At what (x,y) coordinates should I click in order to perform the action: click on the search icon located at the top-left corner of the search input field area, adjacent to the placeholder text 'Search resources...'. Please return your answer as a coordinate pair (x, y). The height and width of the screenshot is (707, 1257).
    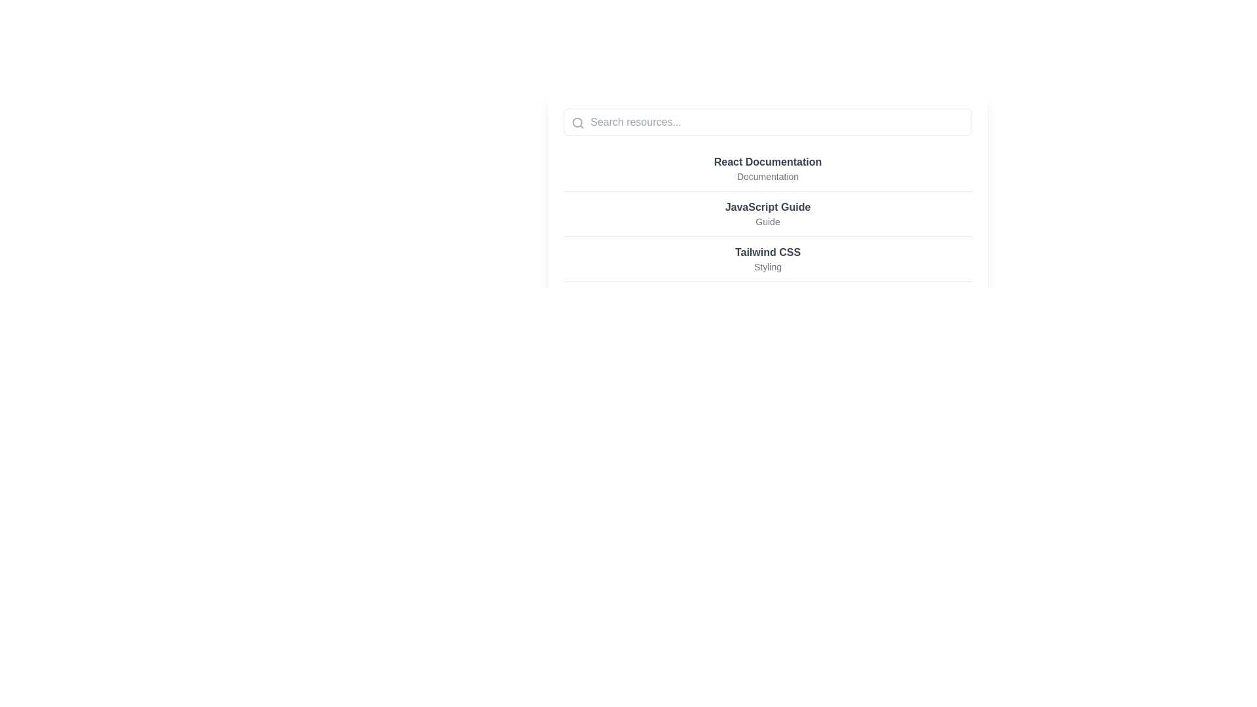
    Looking at the image, I should click on (577, 123).